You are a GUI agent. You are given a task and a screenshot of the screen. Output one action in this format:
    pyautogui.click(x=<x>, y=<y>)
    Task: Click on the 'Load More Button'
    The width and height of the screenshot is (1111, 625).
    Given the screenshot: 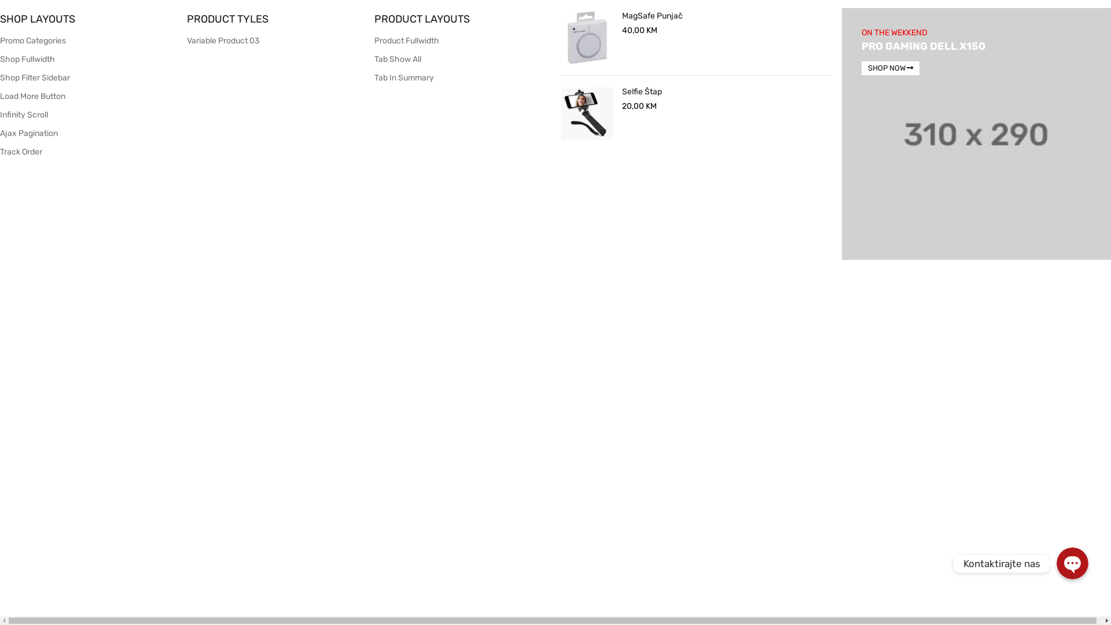 What is the action you would take?
    pyautogui.click(x=0, y=95)
    